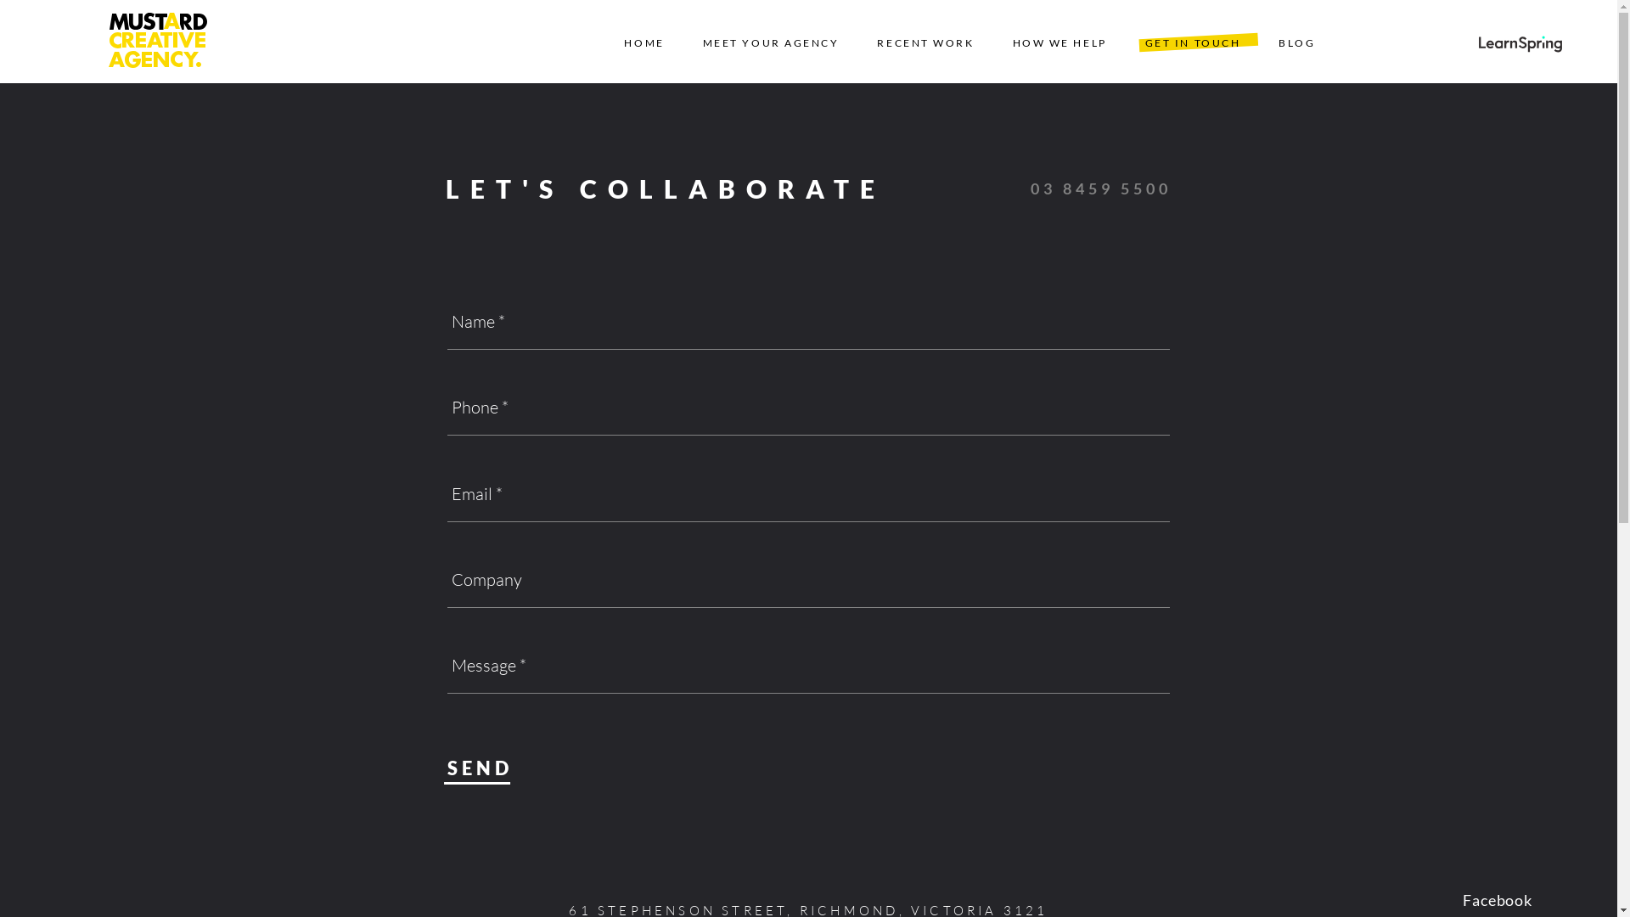  What do you see at coordinates (1192, 42) in the screenshot?
I see `'GET IN TOUCH'` at bounding box center [1192, 42].